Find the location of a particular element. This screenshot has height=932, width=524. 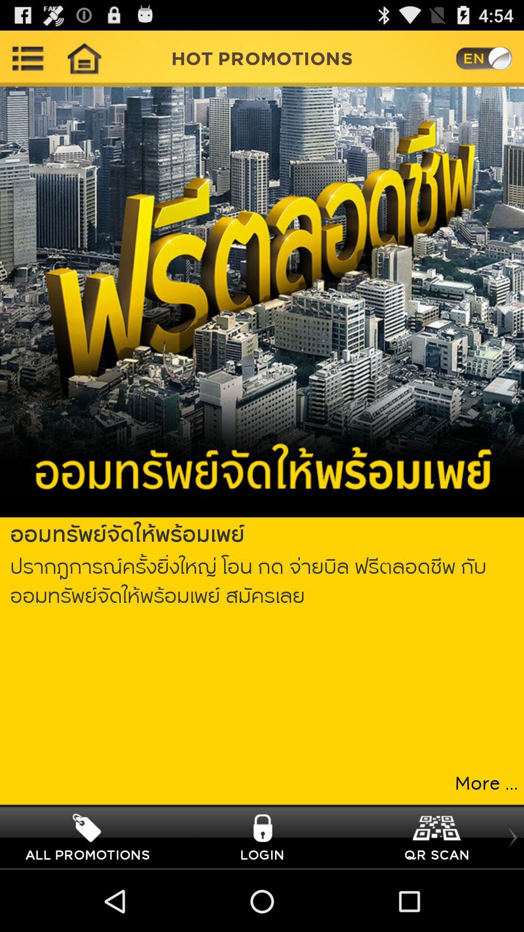

the list icon is located at coordinates (27, 62).